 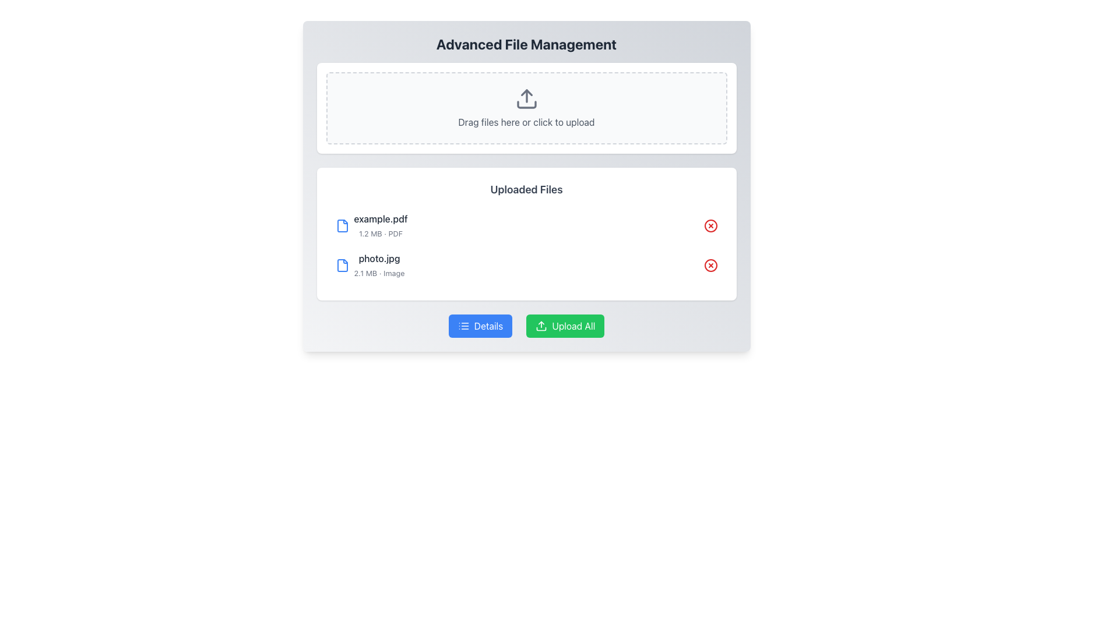 I want to click on the delete button located on the far right of the 'example.pdf, 1.2 MB · PDF' item in the 'Uploaded Files' section, so click(x=710, y=226).